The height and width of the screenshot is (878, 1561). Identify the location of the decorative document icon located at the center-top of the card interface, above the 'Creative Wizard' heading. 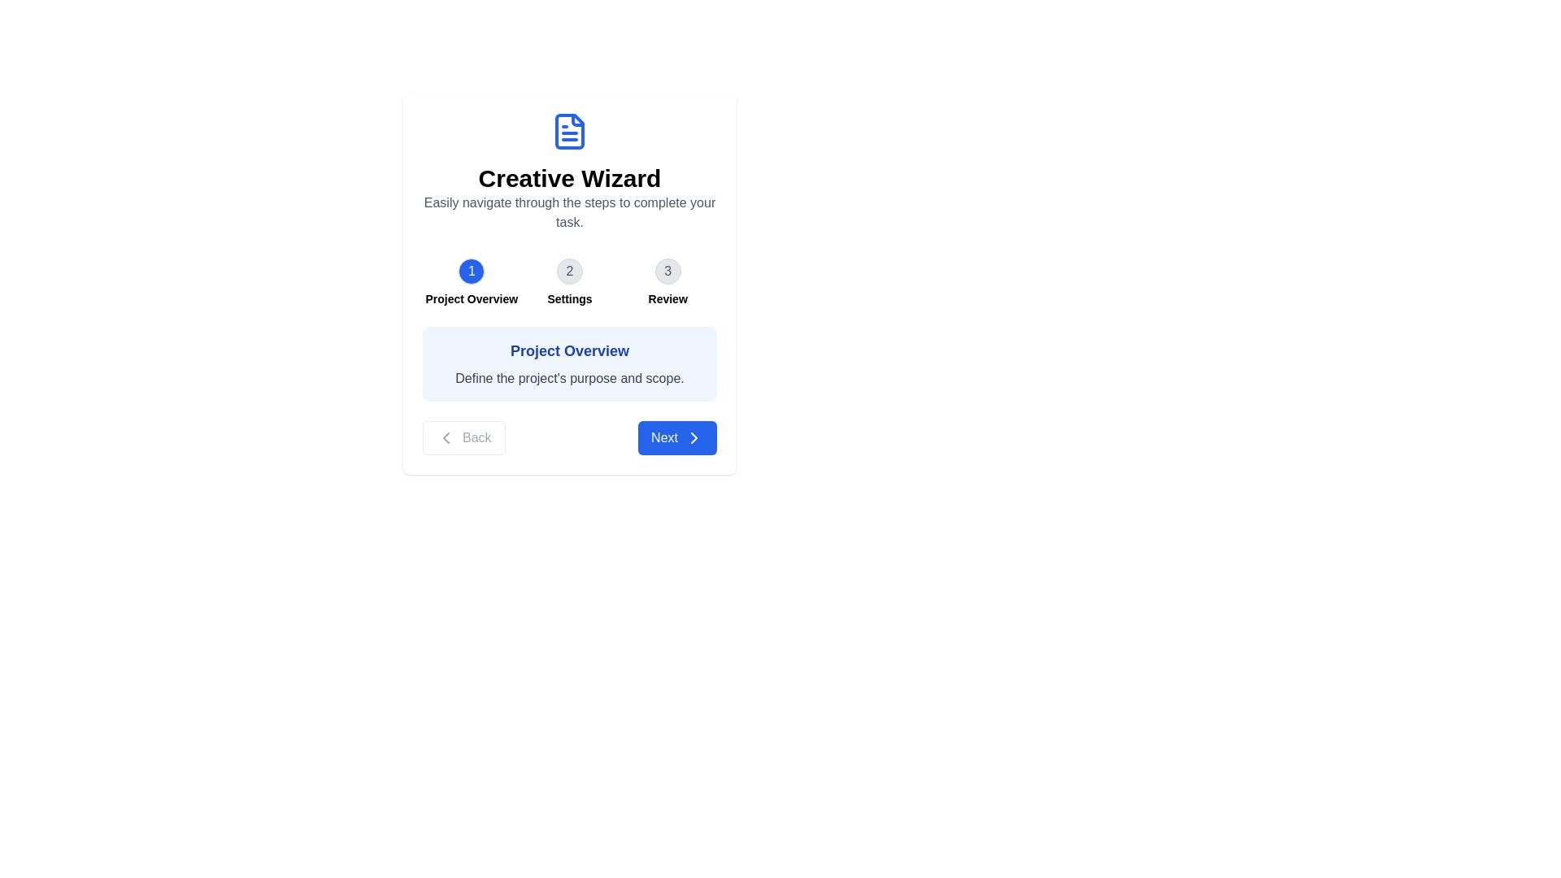
(569, 131).